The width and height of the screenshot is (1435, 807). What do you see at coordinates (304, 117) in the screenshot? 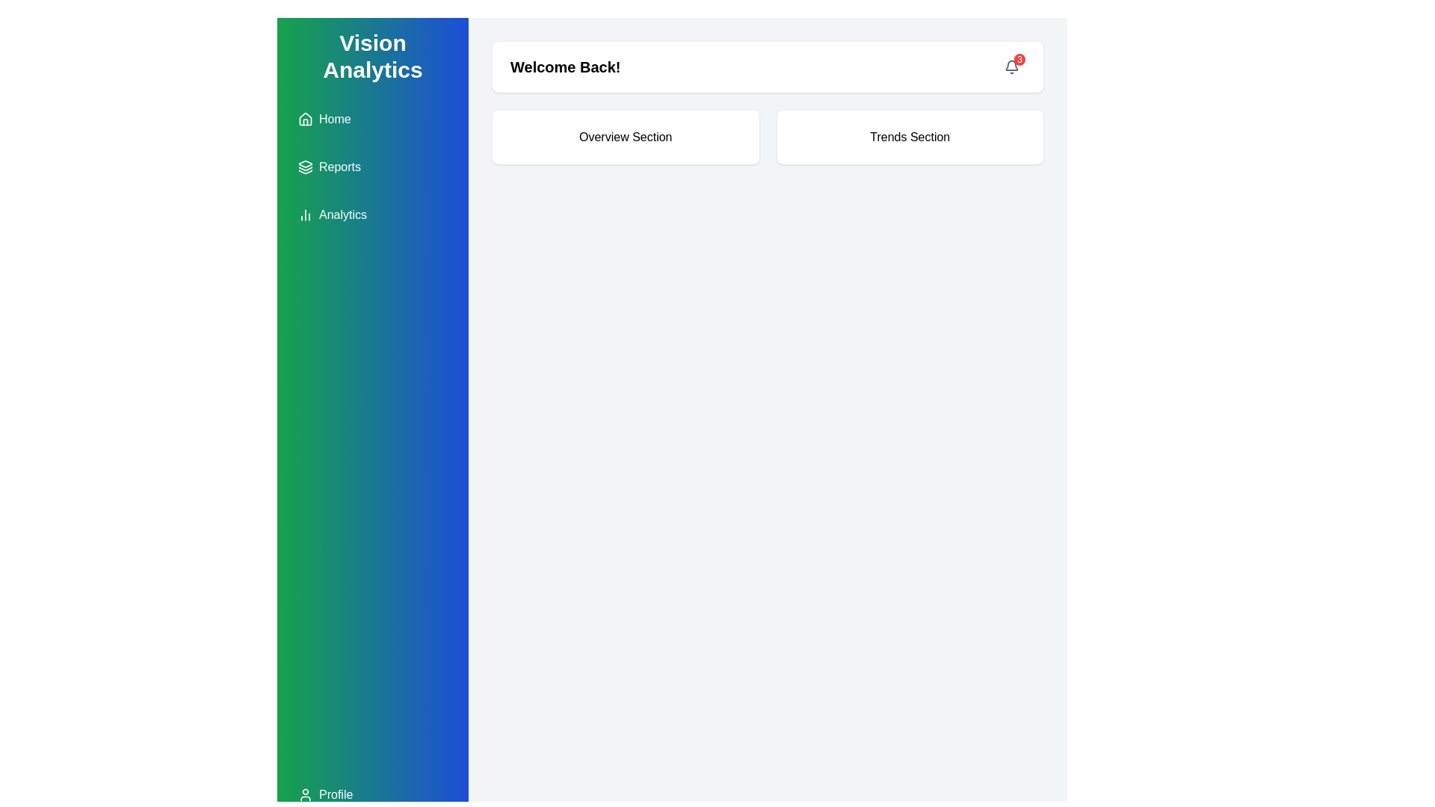
I see `the 'Home' icon located on the left-hand green and blue vertical sidebar, which is the first icon in the vertical list and is positioned next to the label 'Home'` at bounding box center [304, 117].